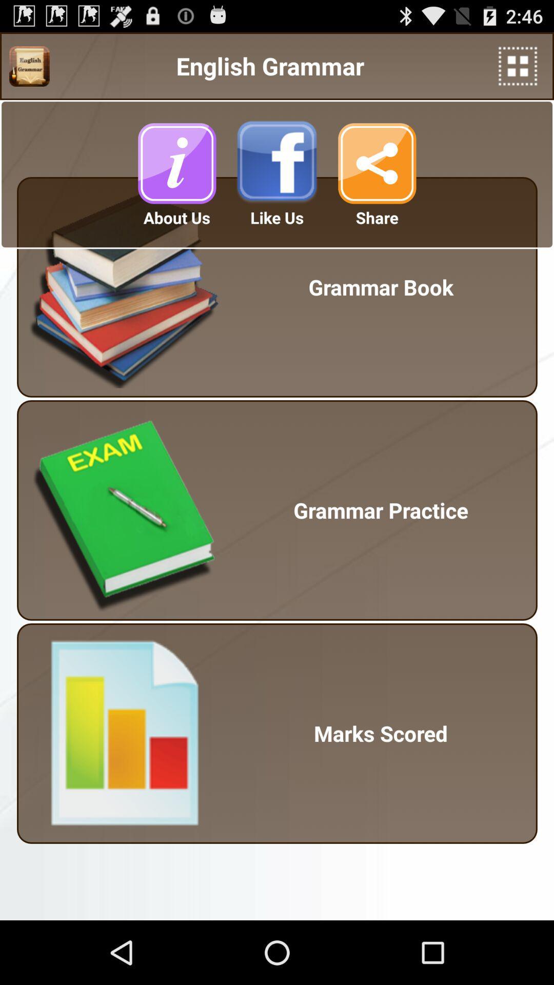  Describe the element at coordinates (176, 163) in the screenshot. I see `information button` at that location.